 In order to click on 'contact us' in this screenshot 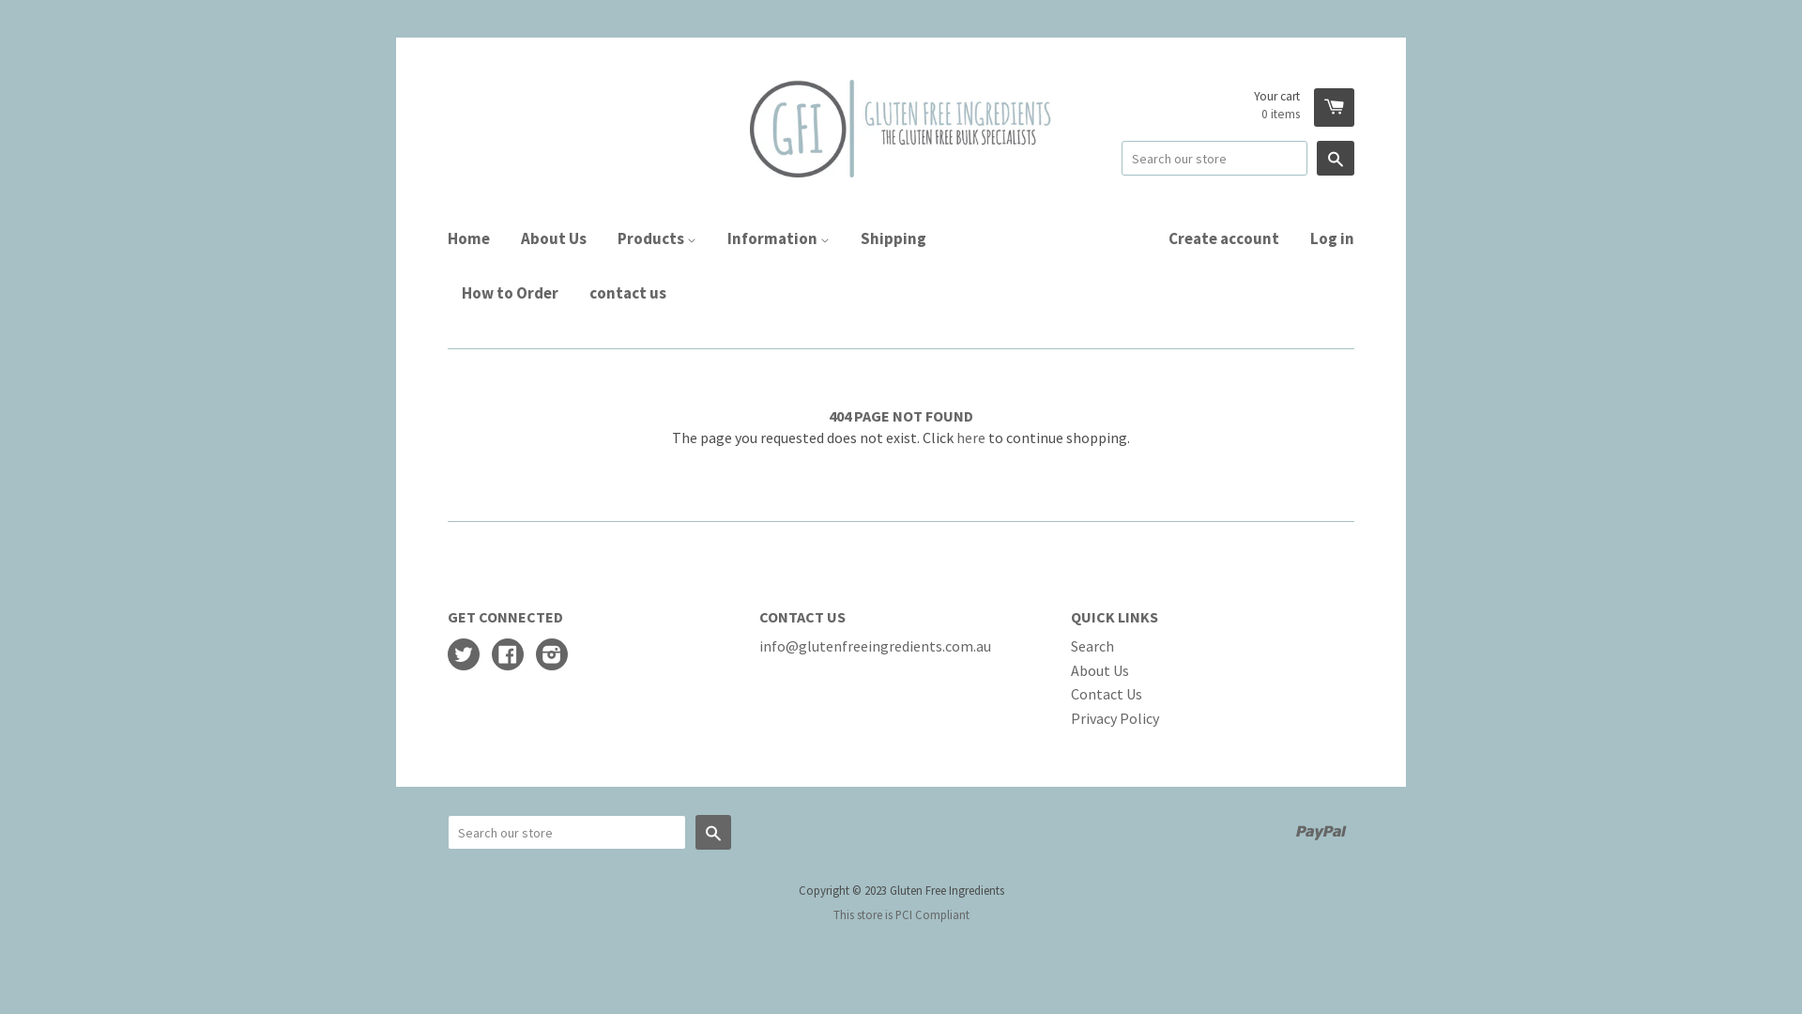, I will do `click(620, 293)`.